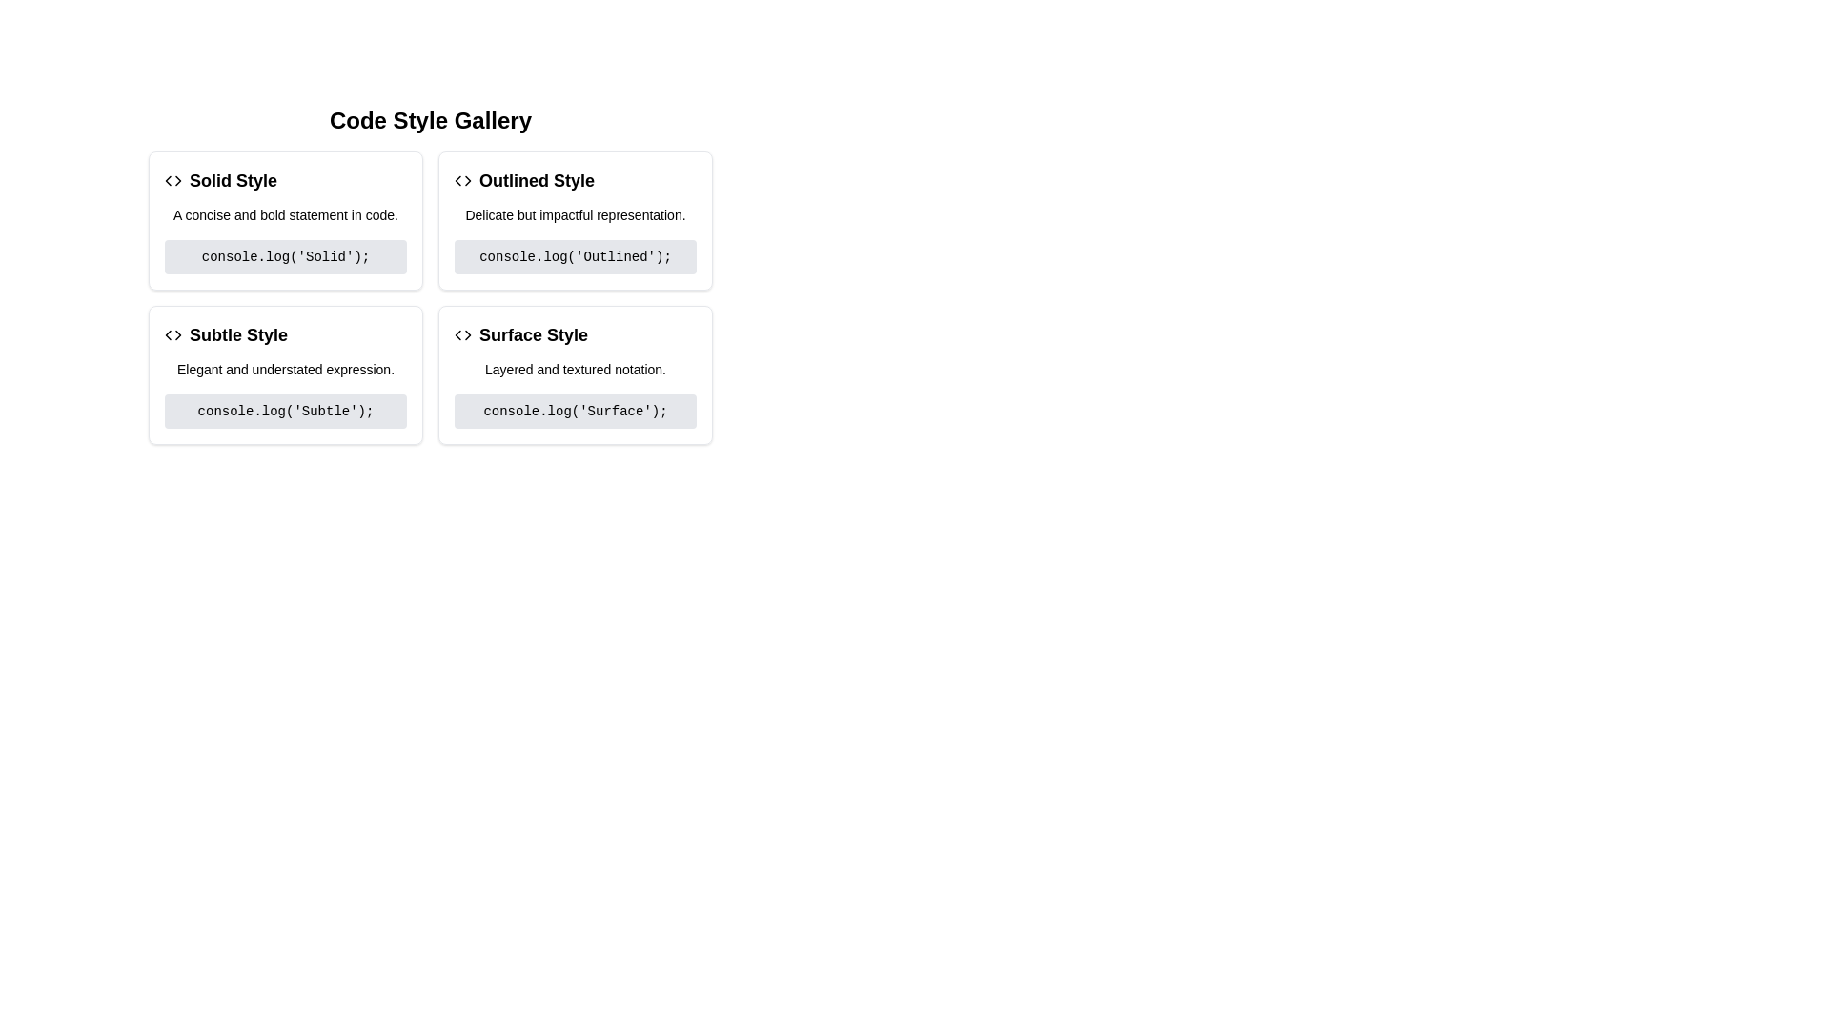  What do you see at coordinates (462, 333) in the screenshot?
I see `the SVG icon with angular brackets pointing left and right, located in the 'Surface Style' section of the 'Code Style Gallery'` at bounding box center [462, 333].